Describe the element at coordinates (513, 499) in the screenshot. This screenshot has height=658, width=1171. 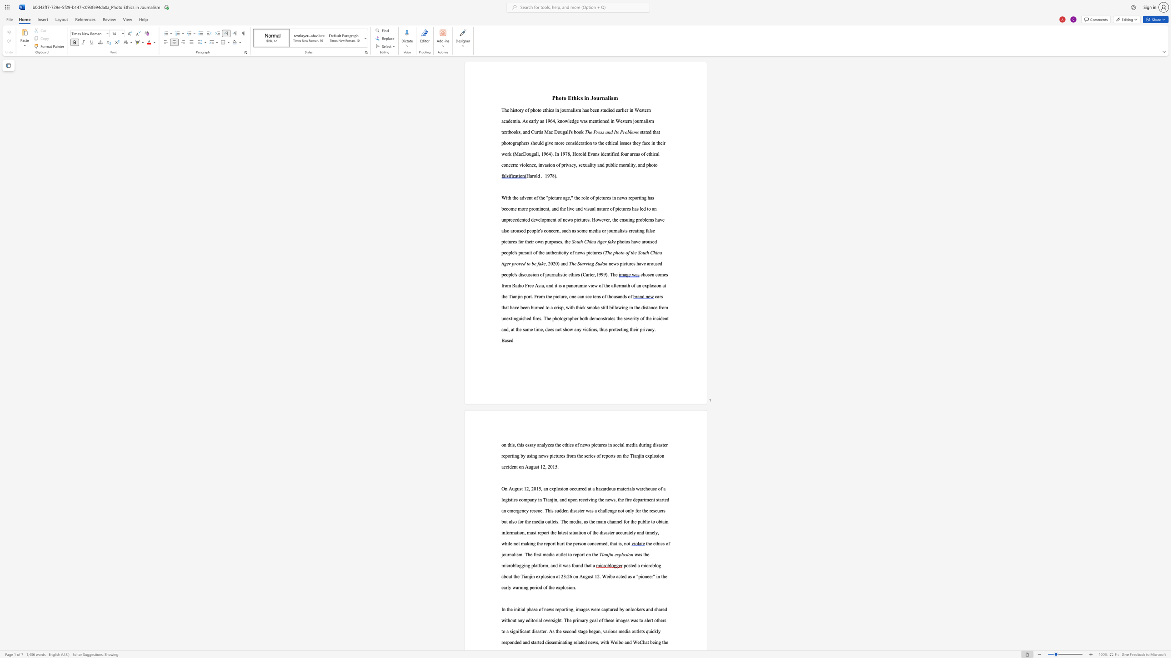
I see `the subset text "cs" within the text "a logistics"` at that location.